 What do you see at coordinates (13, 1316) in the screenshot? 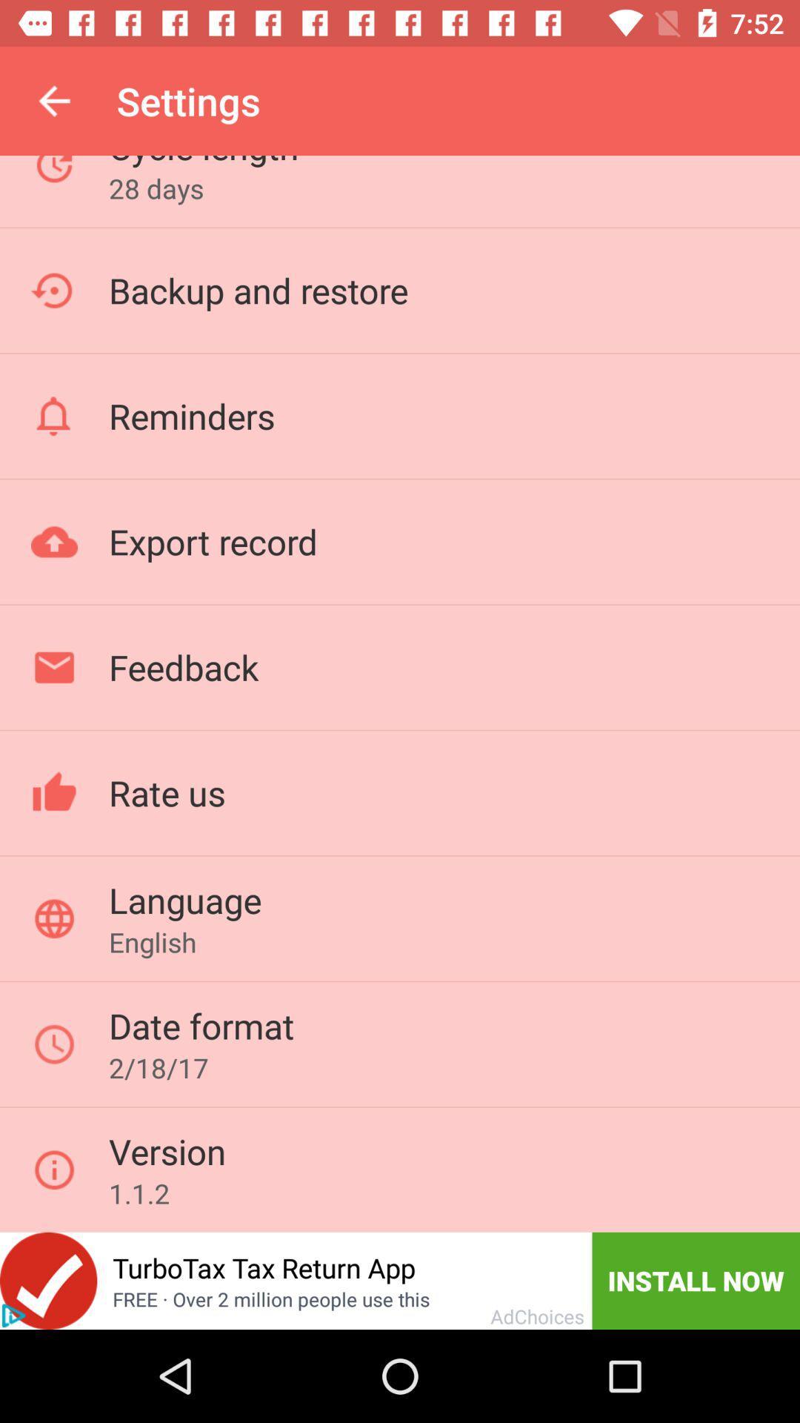
I see `icon to the left of free over 2` at bounding box center [13, 1316].